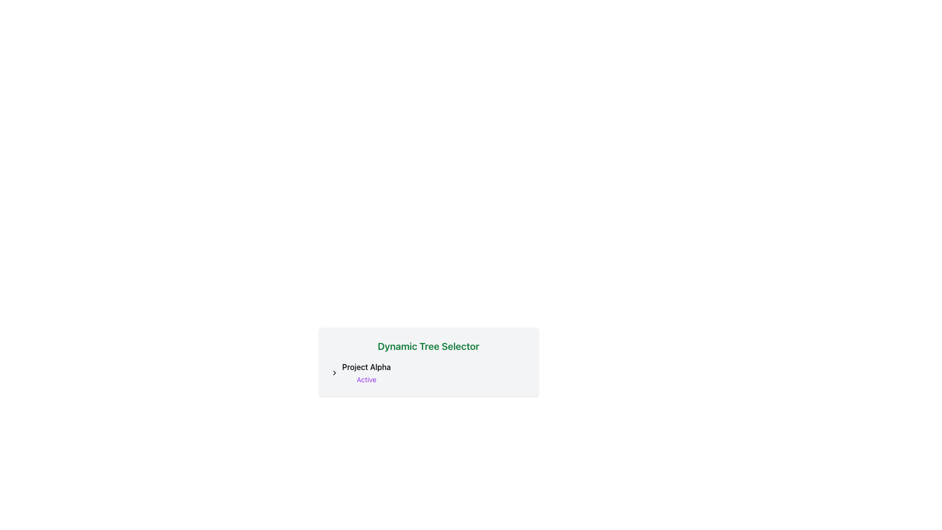 The image size is (942, 530). Describe the element at coordinates (366, 379) in the screenshot. I see `the 'Active' status text label indicating the status of the 'Project Alpha' node in the Dynamic Tree Selector interface` at that location.